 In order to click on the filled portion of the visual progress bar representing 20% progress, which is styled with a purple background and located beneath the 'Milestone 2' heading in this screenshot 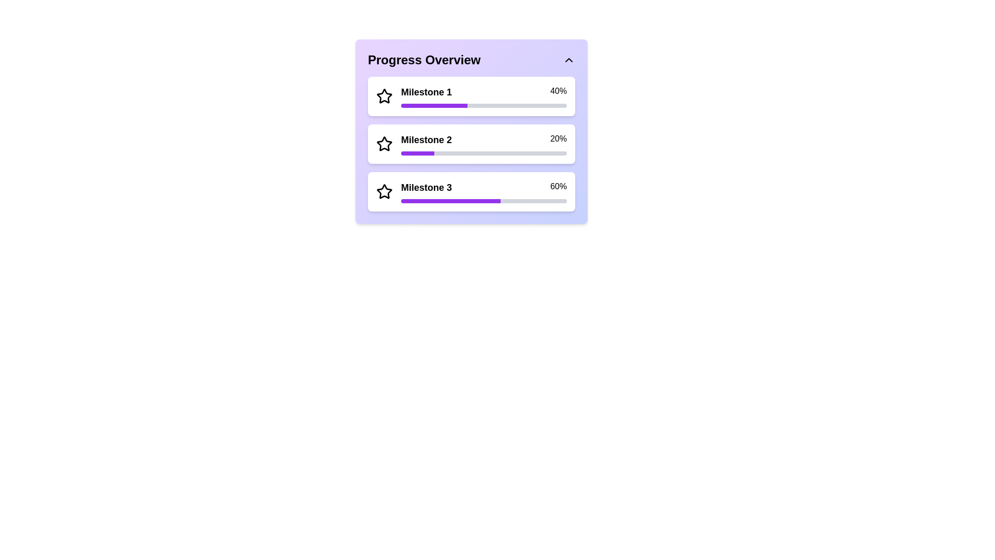, I will do `click(418, 153)`.